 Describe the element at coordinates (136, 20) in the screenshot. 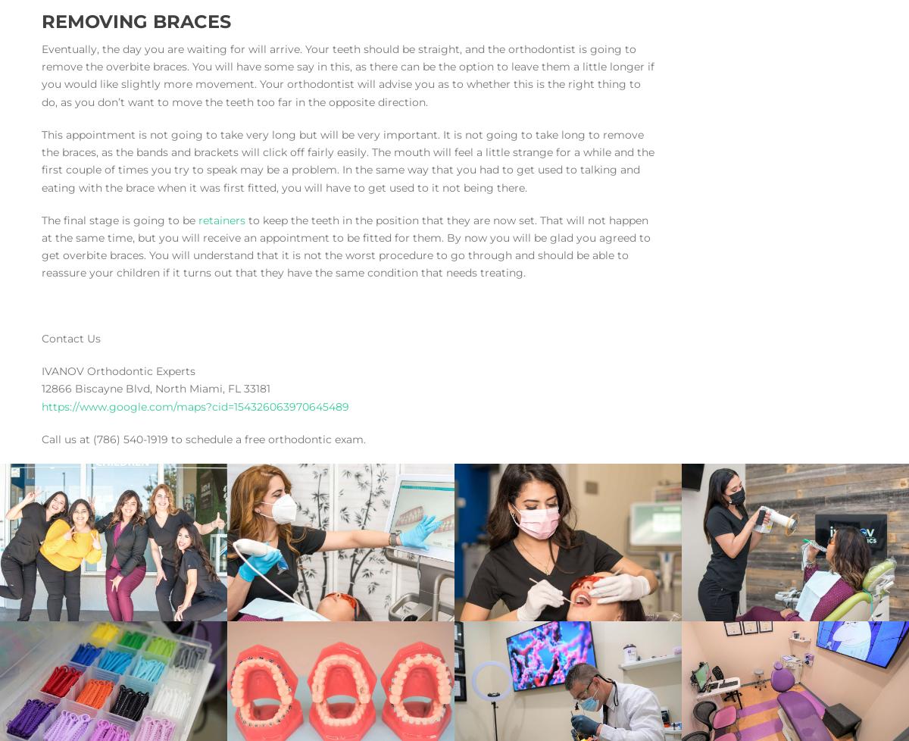

I see `'Removing braces'` at that location.